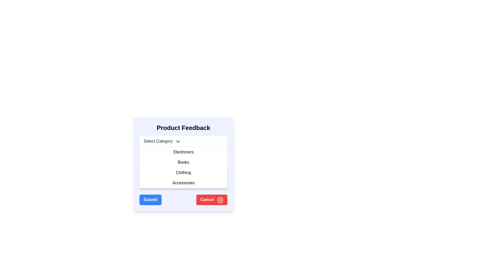 Image resolution: width=494 pixels, height=278 pixels. What do you see at coordinates (183, 182) in the screenshot?
I see `the 'Accessories' dropdown menu option, which is the fourth item in the dropdown list below the 'Select Category' button, to change its background color to gray` at bounding box center [183, 182].